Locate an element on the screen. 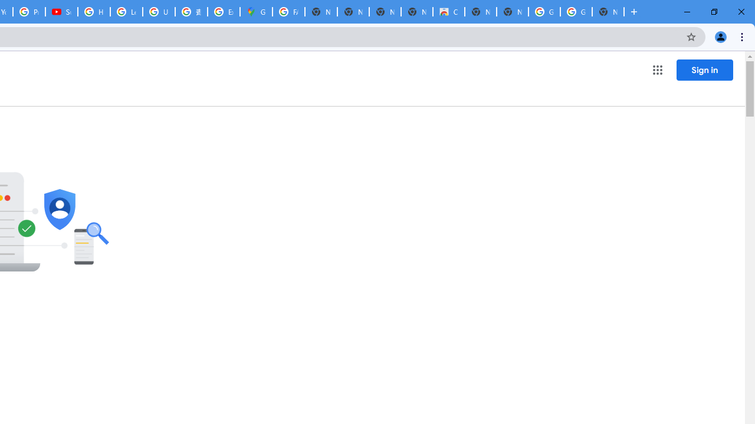  'Chrome Web Store' is located at coordinates (448, 12).